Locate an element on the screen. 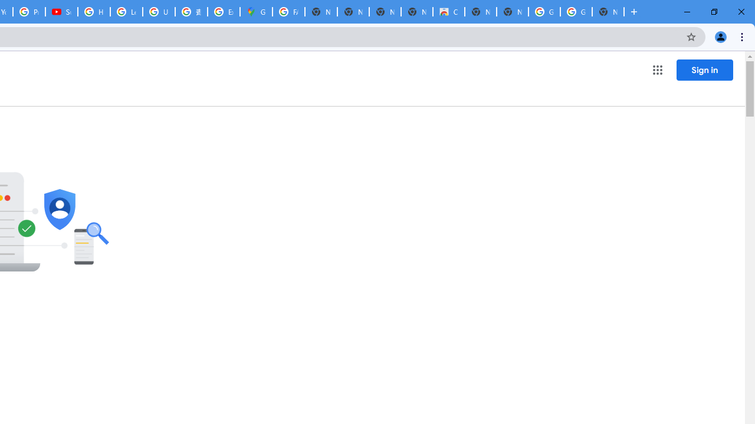  'Chrome Web Store' is located at coordinates (448, 12).